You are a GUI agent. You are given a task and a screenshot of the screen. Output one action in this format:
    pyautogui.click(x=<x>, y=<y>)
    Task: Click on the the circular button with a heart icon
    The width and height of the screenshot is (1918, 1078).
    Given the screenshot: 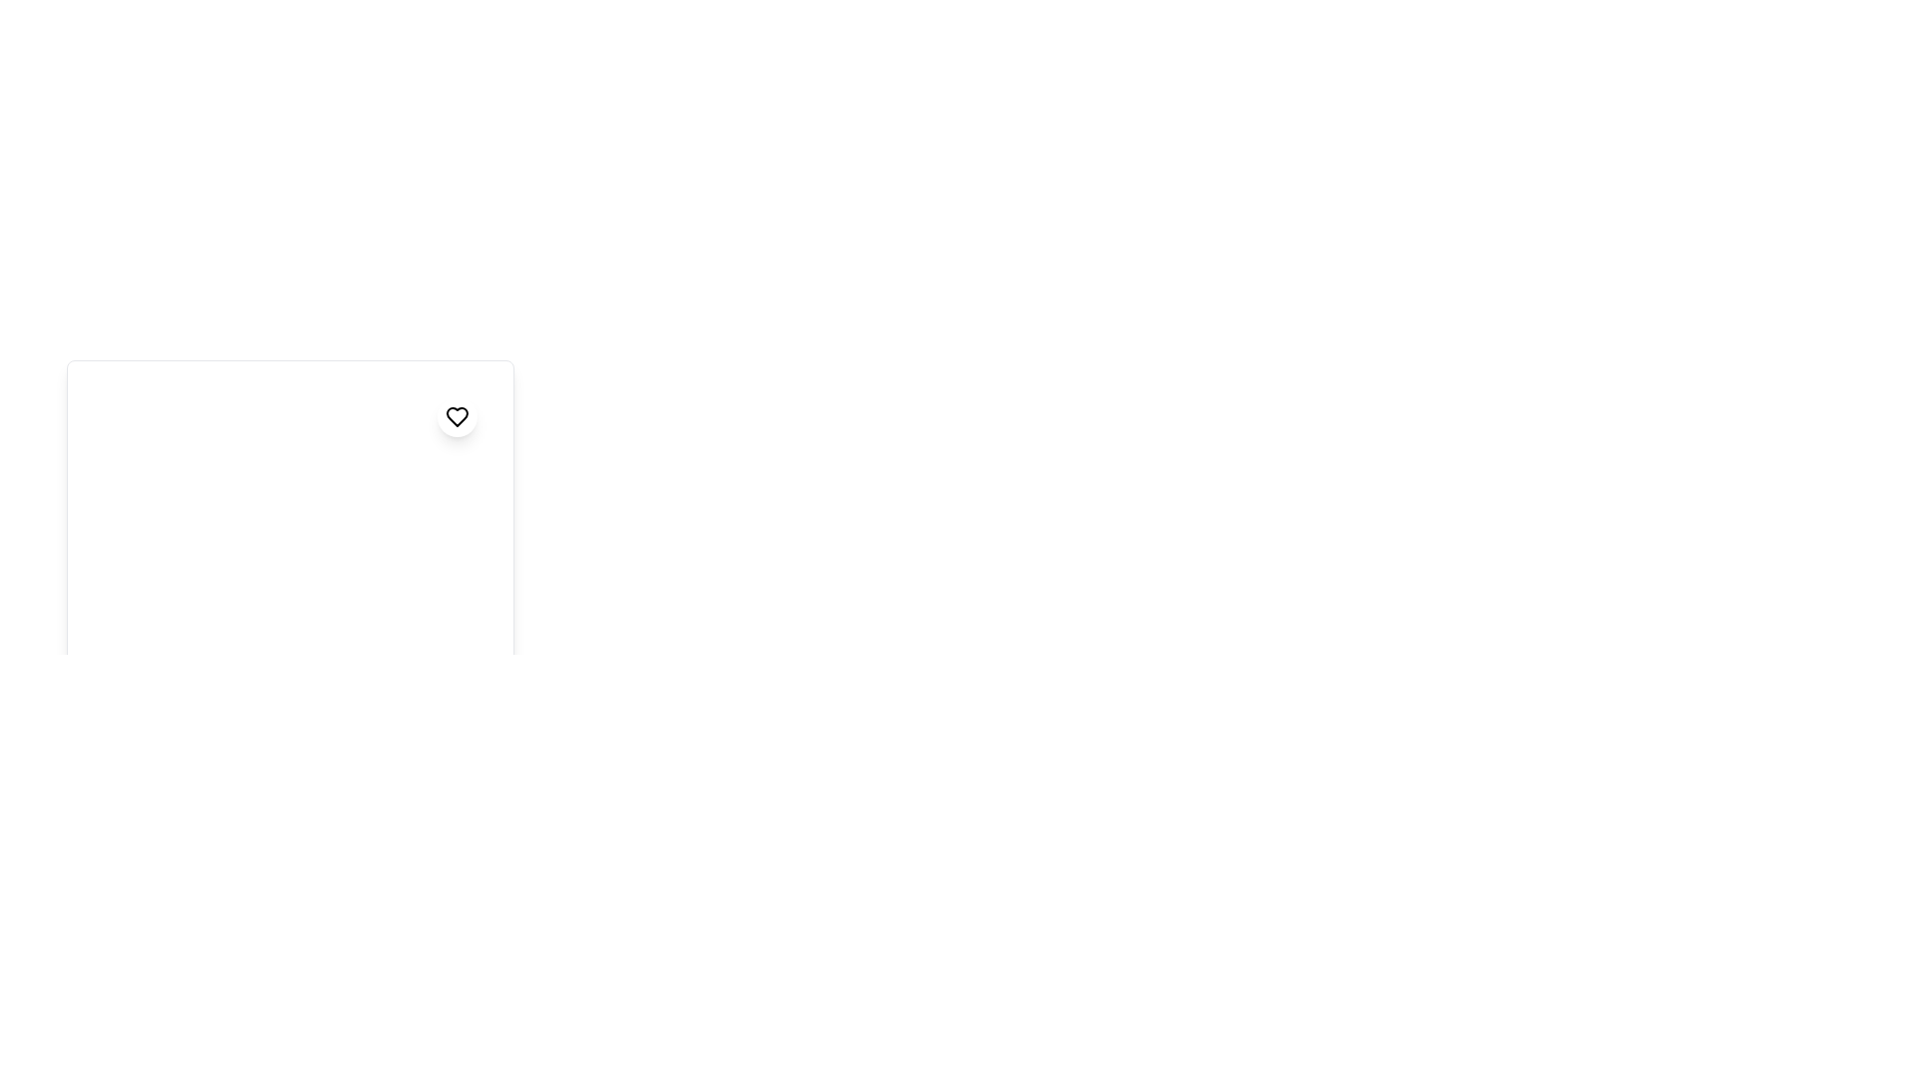 What is the action you would take?
    pyautogui.click(x=456, y=415)
    